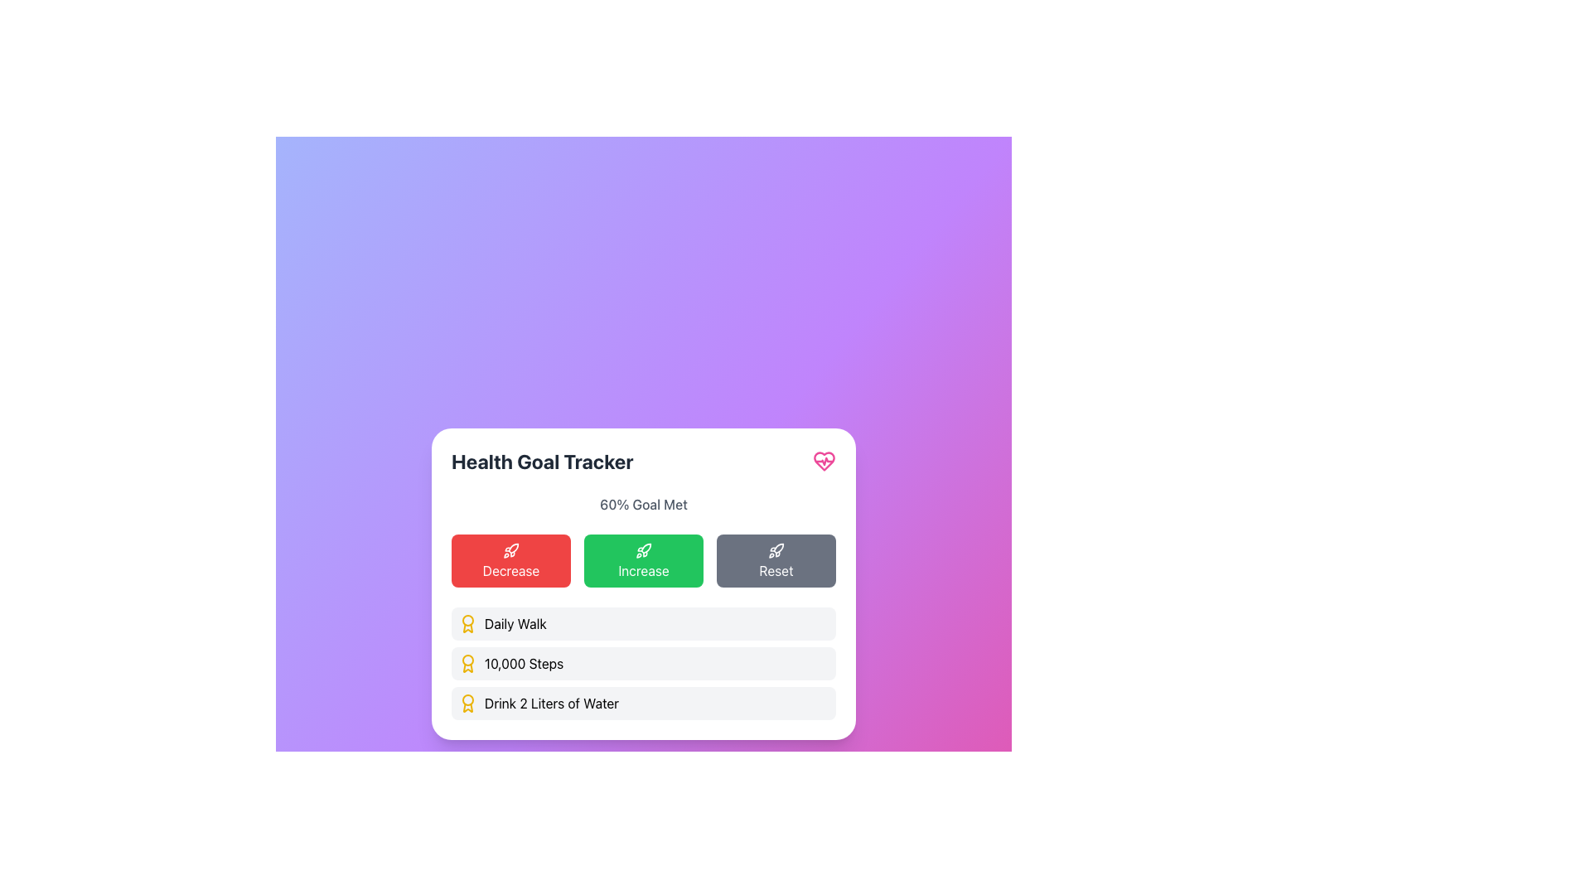  Describe the element at coordinates (467, 623) in the screenshot. I see `the achievement icon representing the 'Daily Walk' health goal located at the beginning of the entry in the health goals list` at that location.